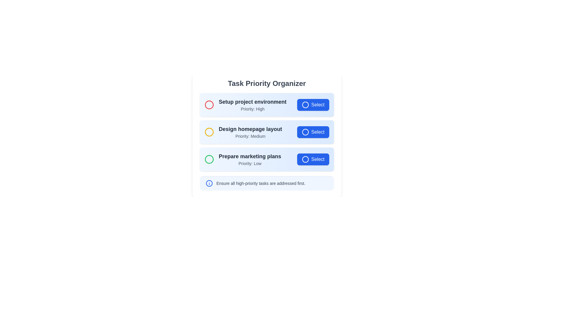 The image size is (570, 320). Describe the element at coordinates (243, 132) in the screenshot. I see `the second task information display with a rounded yellow icon and the text 'Design homepage layout' followed by 'Priority: Medium'` at that location.